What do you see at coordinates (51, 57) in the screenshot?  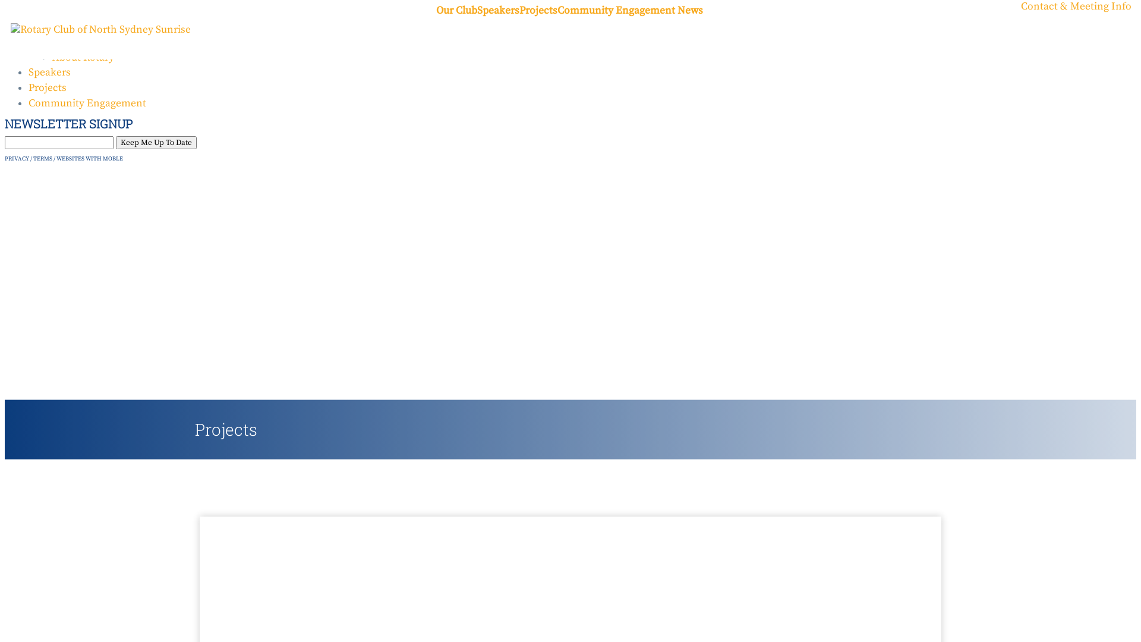 I see `'About Rotary'` at bounding box center [51, 57].